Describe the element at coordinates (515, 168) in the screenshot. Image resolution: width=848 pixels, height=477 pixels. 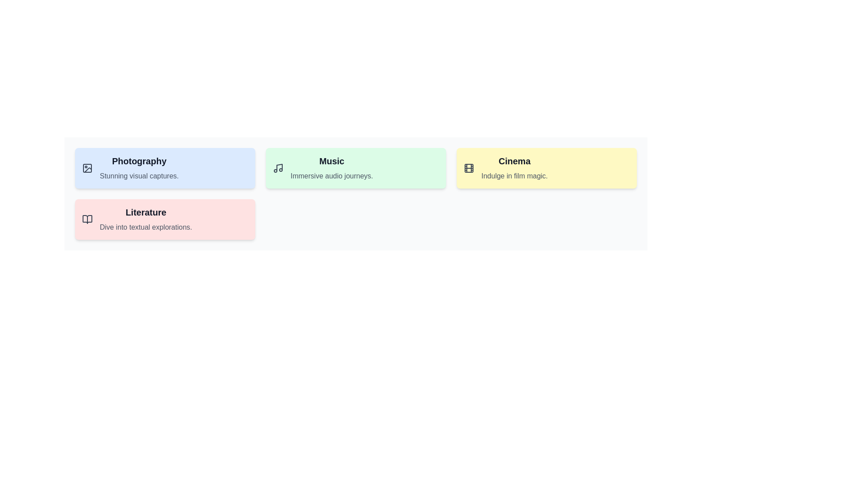
I see `the 'Cinema' descriptive card` at that location.